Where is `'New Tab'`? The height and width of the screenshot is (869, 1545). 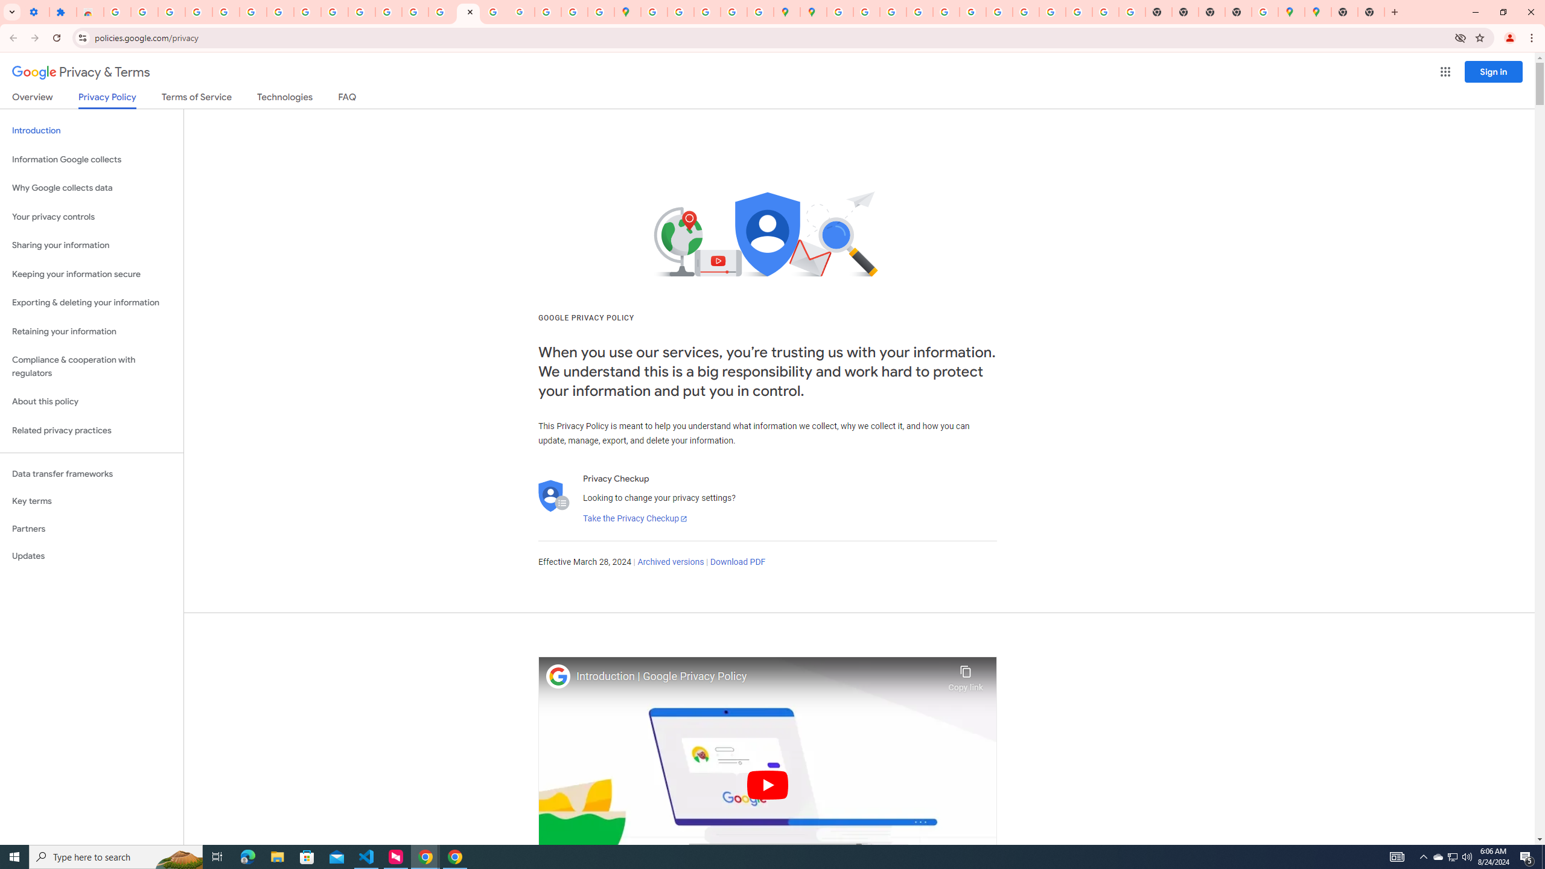
'New Tab' is located at coordinates (1343, 11).